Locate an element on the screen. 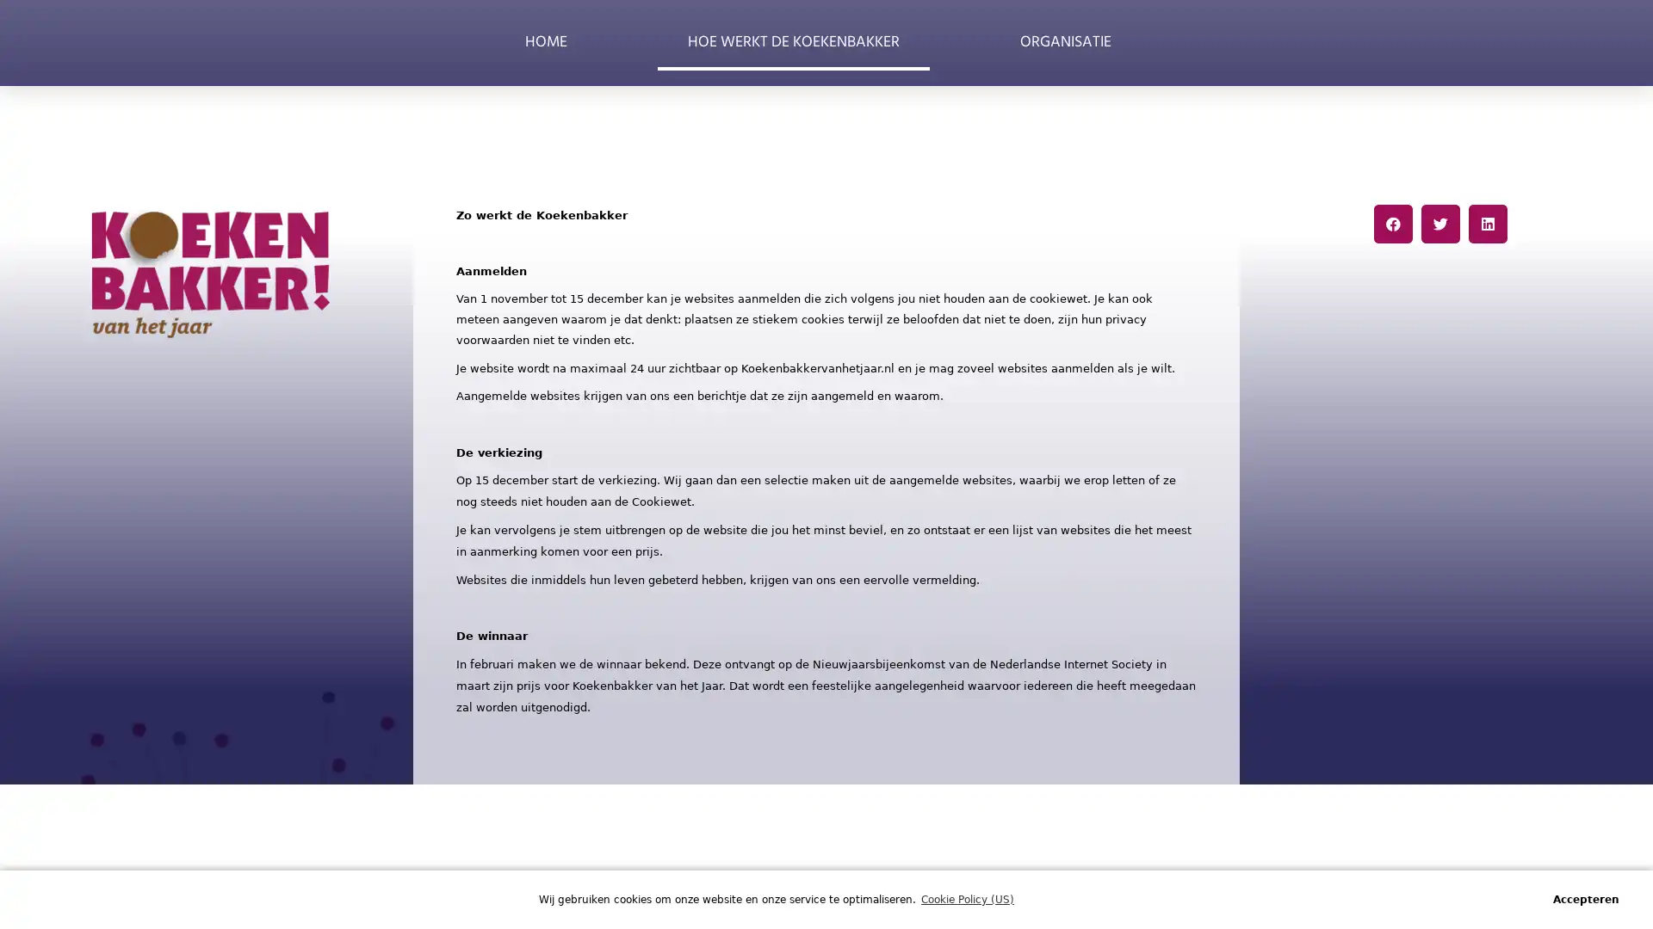 The image size is (1653, 929). dismiss cookie message is located at coordinates (1585, 898).